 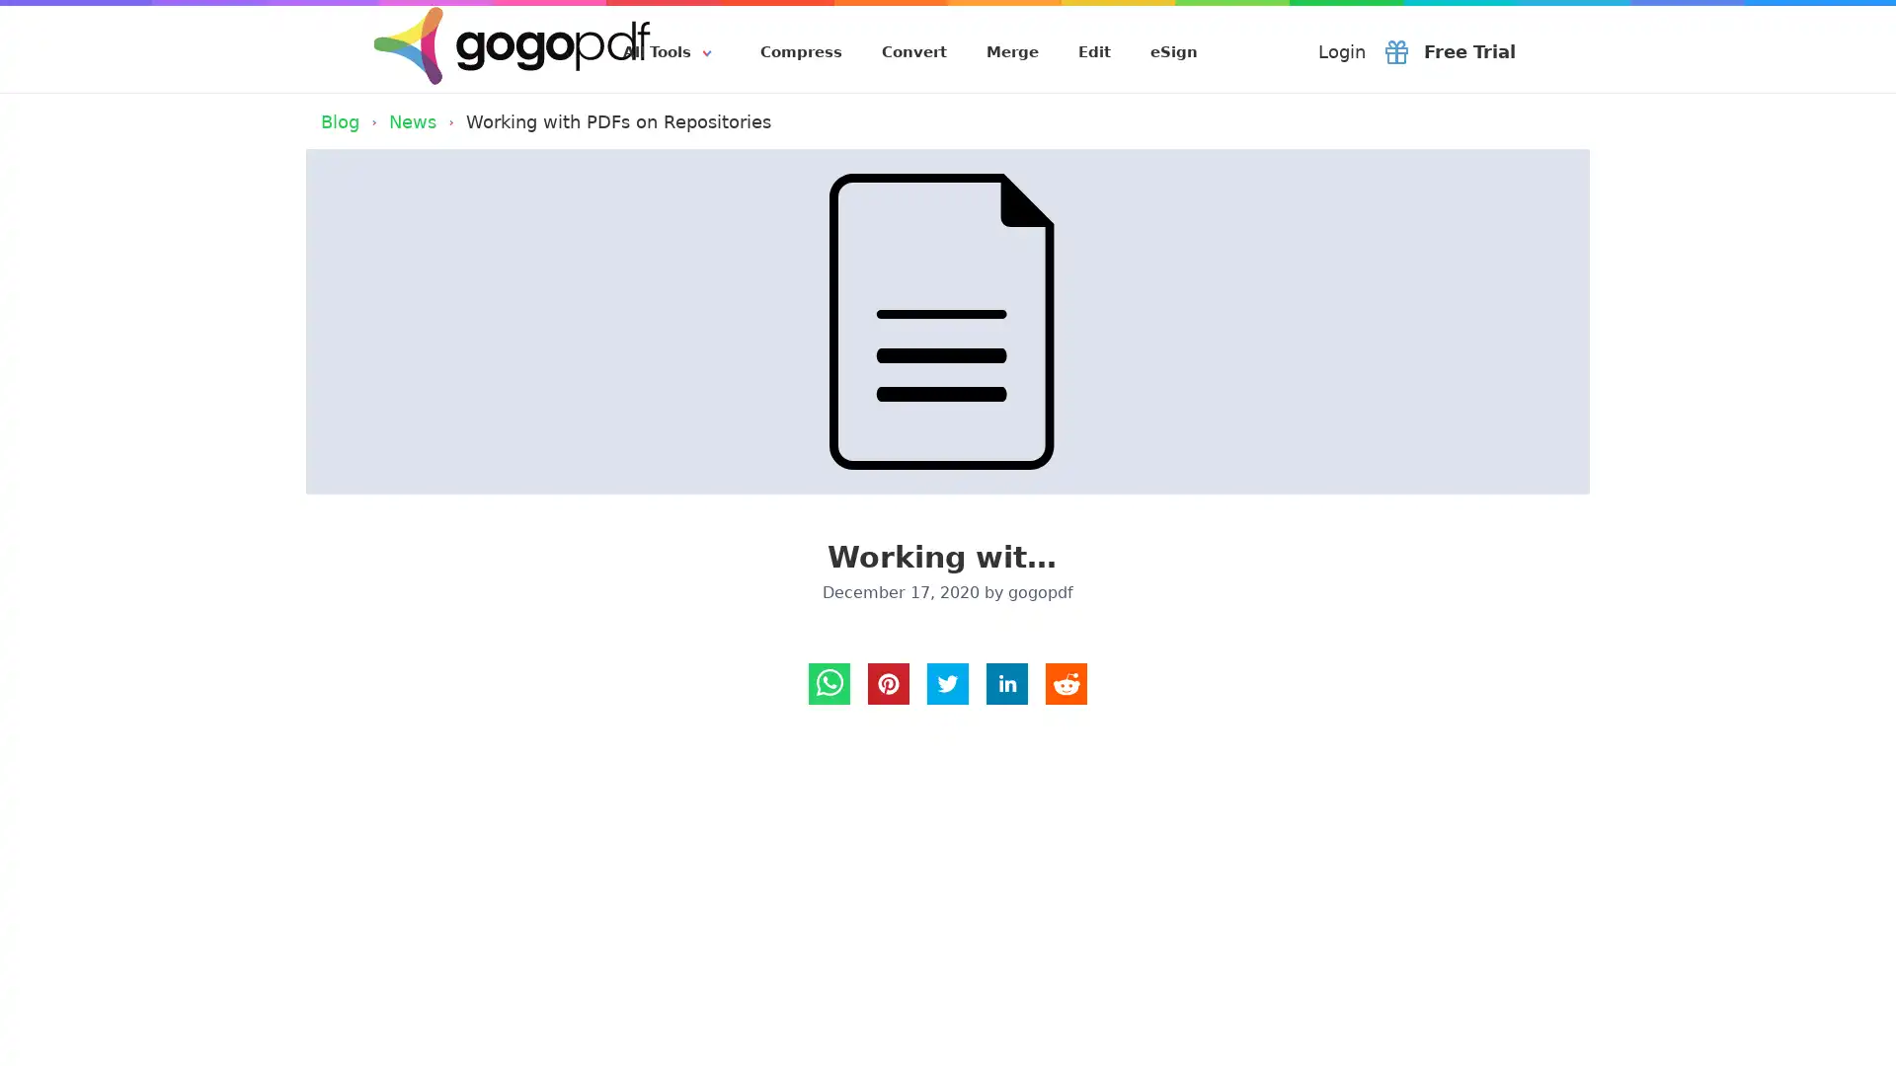 I want to click on Convert, so click(x=913, y=50).